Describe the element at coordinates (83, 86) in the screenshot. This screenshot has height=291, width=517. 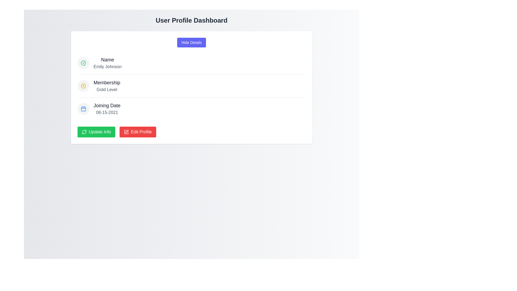
I see `the circular outline icon indicative of an upward arrow, colored yellow, located in the second row of icons associated with the 'Gold Level' membership on the profile dashboard` at that location.